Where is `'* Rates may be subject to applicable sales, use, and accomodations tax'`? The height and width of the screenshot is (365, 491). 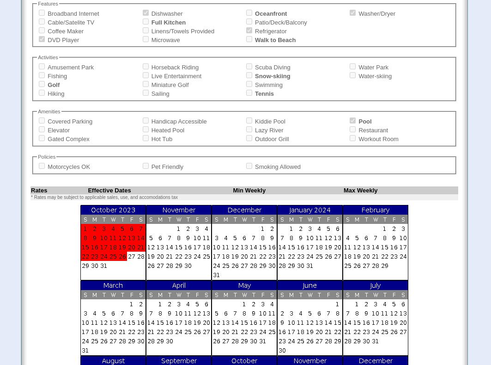
'* Rates may be subject to applicable sales, use, and accomodations tax' is located at coordinates (104, 197).